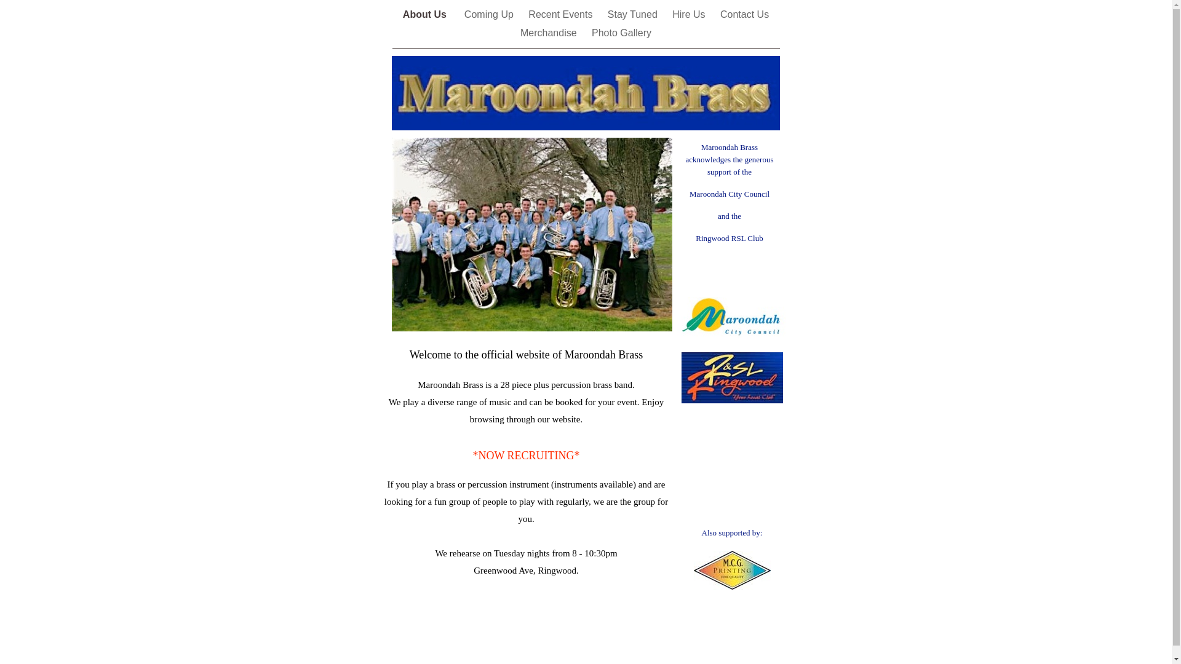 This screenshot has height=664, width=1181. I want to click on 'Hire Us', so click(672, 14).